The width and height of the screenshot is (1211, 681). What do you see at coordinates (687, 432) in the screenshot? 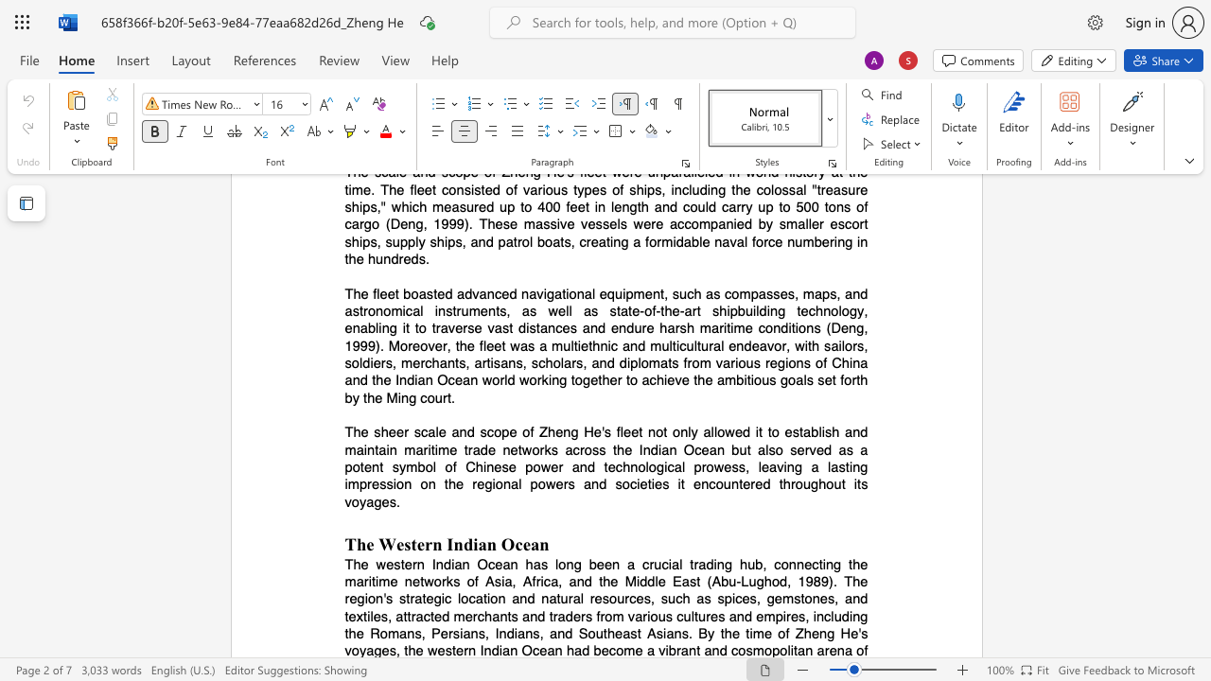
I see `the subset text "ly allowed it to" within the text "The sheer scale and scope of Zheng He"` at bounding box center [687, 432].